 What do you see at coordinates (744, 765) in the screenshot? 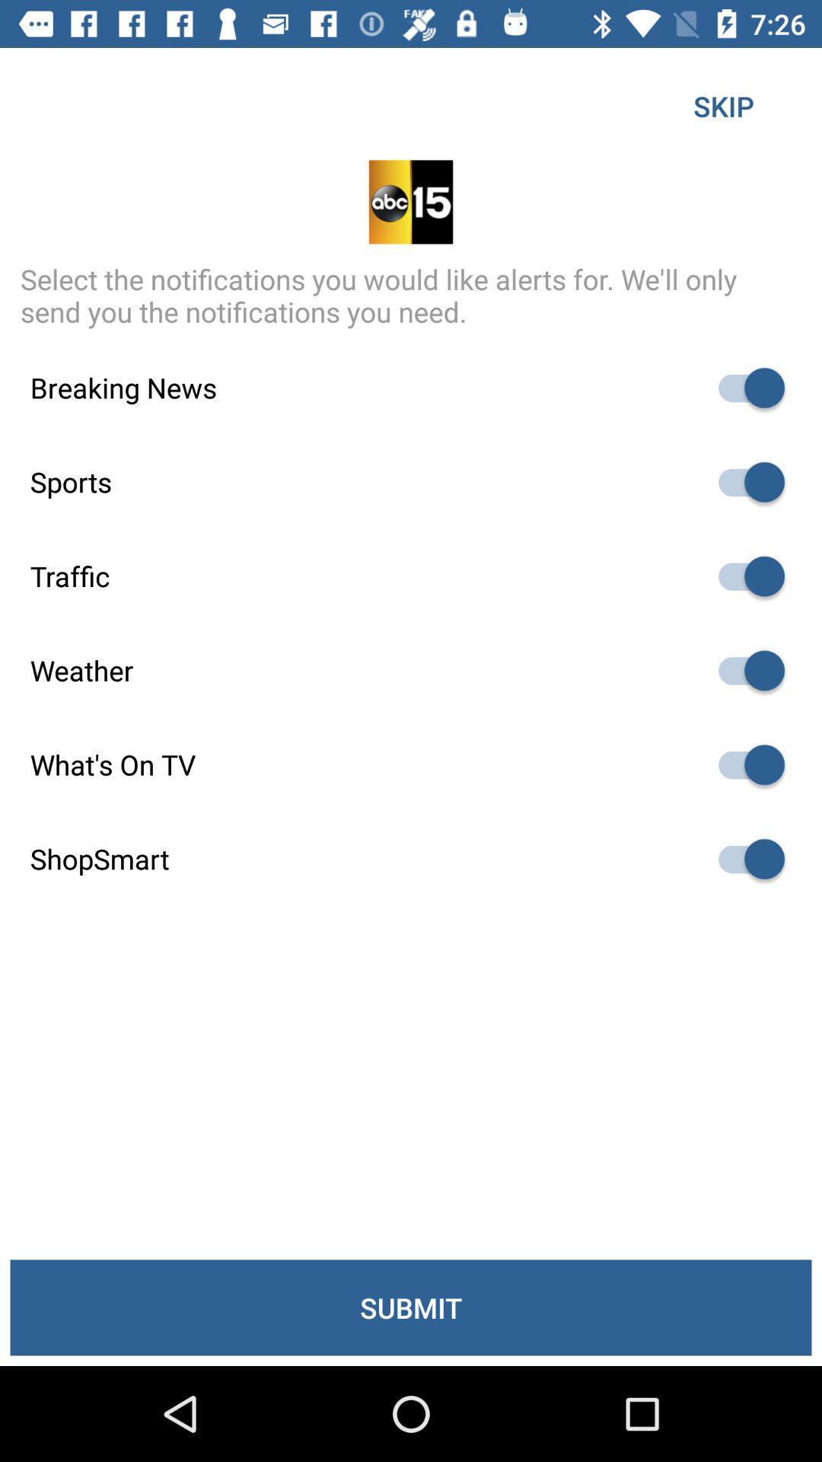
I see `taggle the autoplay option` at bounding box center [744, 765].